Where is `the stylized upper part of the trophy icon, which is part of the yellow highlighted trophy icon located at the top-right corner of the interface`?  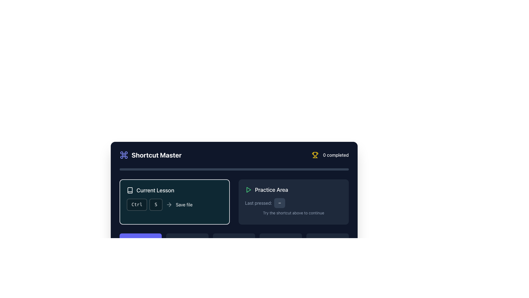 the stylized upper part of the trophy icon, which is part of the yellow highlighted trophy icon located at the top-right corner of the interface is located at coordinates (315, 154).